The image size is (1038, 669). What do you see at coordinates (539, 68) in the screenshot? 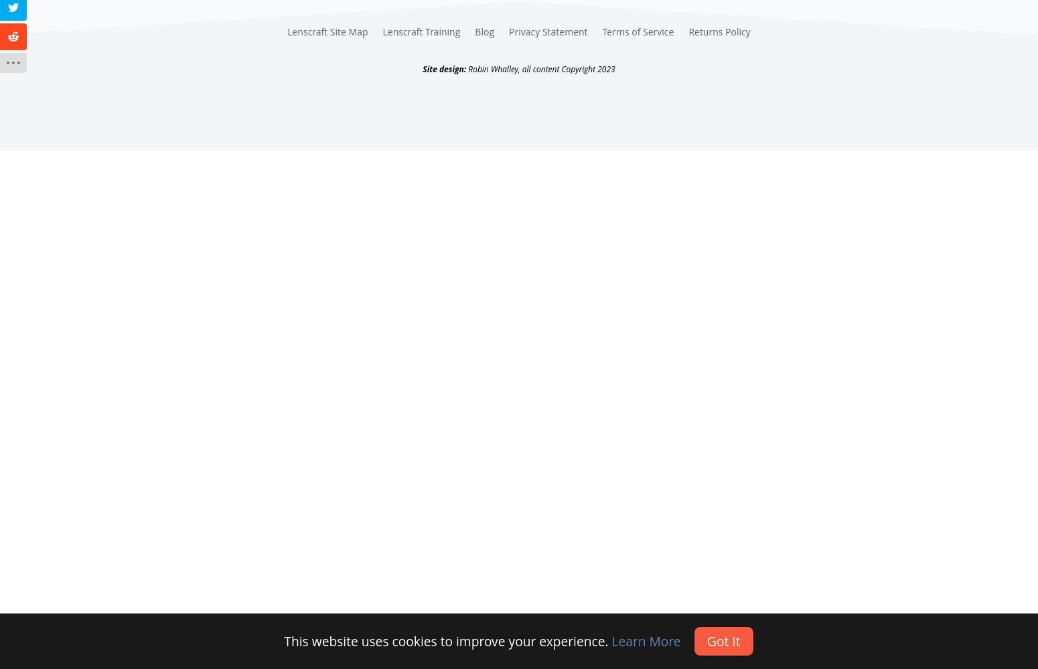
I see `'Robin Whalley, all content Copyright 2023'` at bounding box center [539, 68].